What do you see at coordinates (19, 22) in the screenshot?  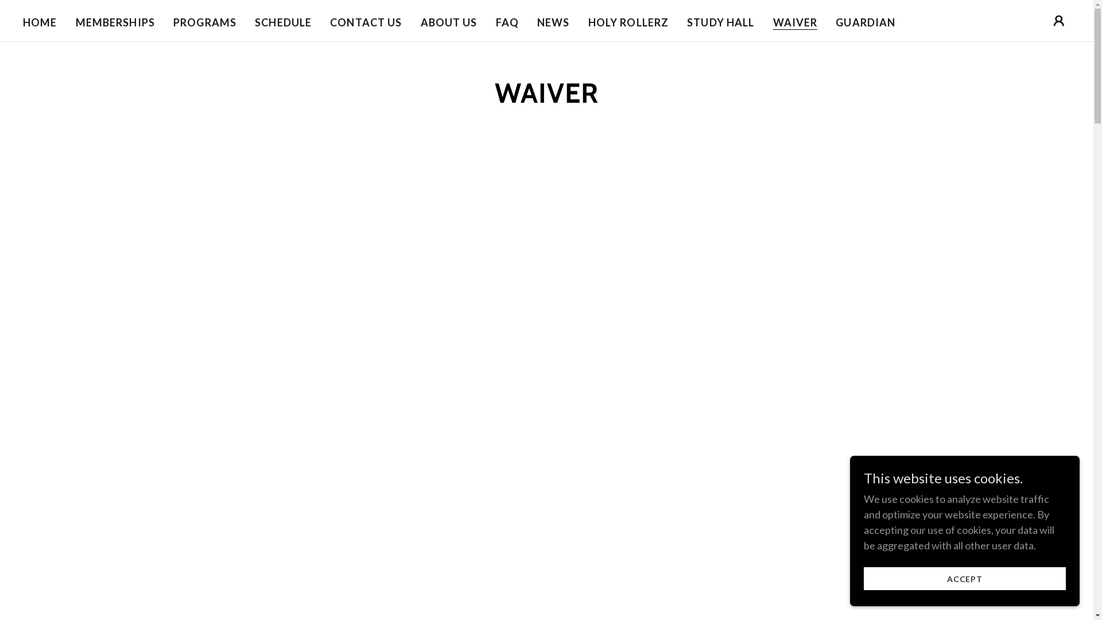 I see `'HOME'` at bounding box center [19, 22].